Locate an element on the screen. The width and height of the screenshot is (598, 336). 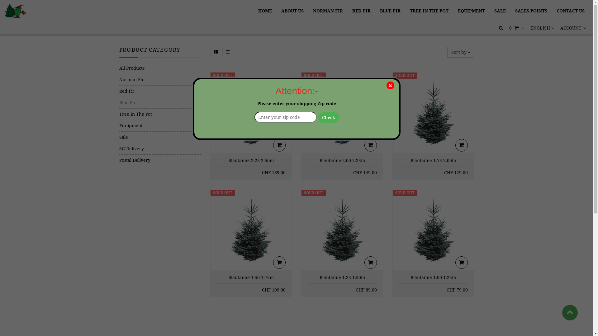
'Blautanne 2.25-2.50m' is located at coordinates (251, 160).